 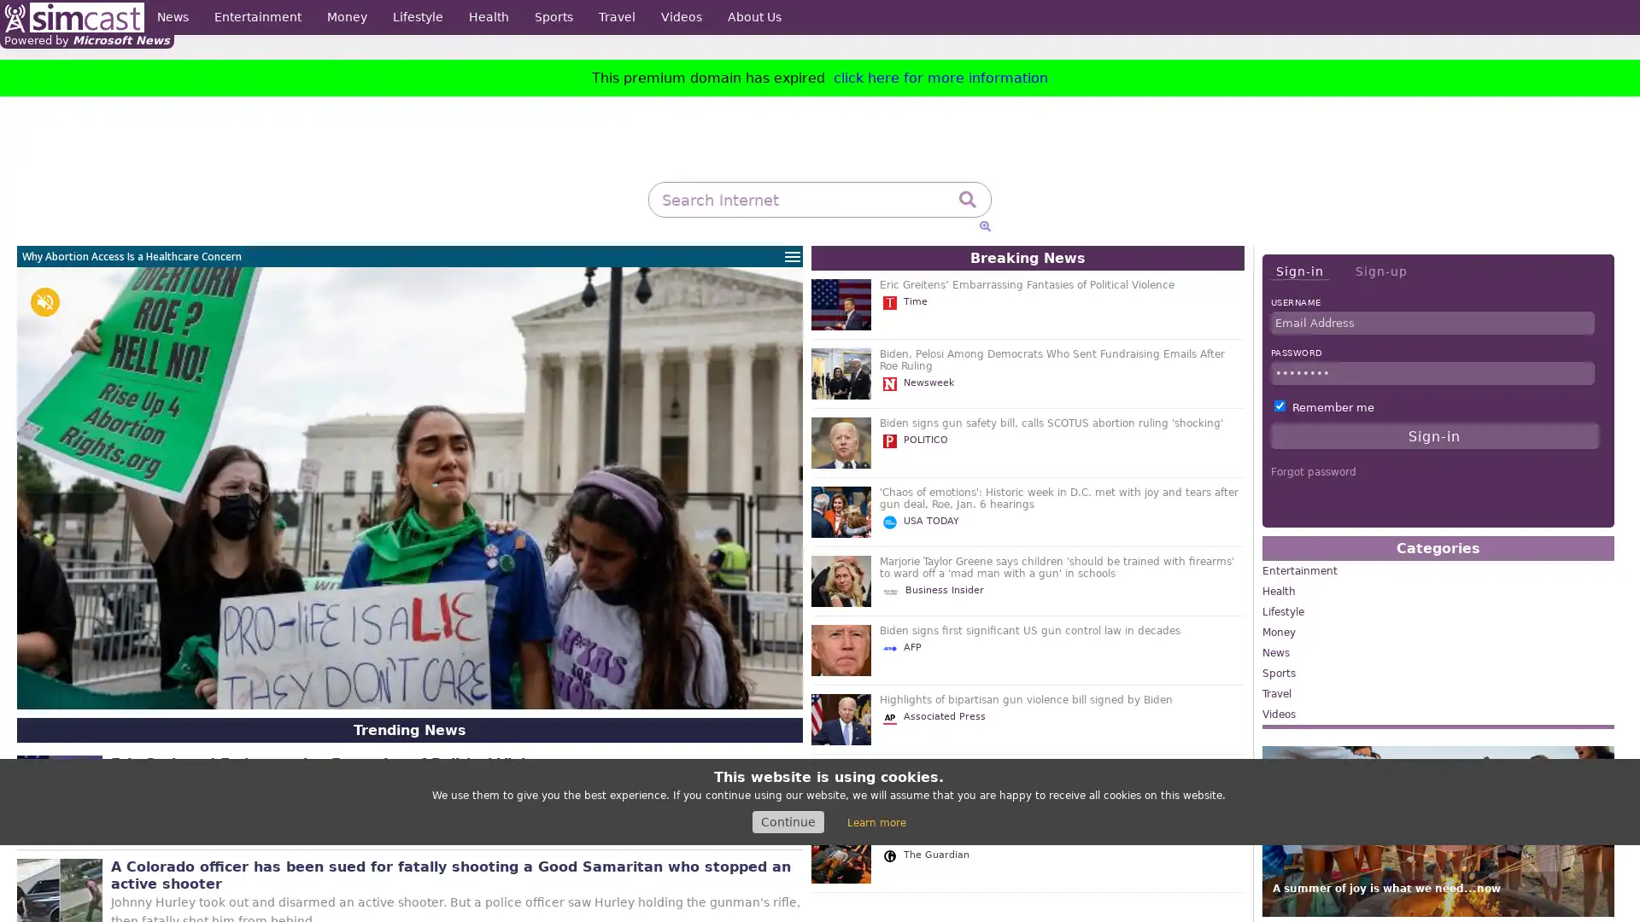 What do you see at coordinates (787, 821) in the screenshot?
I see `Continue` at bounding box center [787, 821].